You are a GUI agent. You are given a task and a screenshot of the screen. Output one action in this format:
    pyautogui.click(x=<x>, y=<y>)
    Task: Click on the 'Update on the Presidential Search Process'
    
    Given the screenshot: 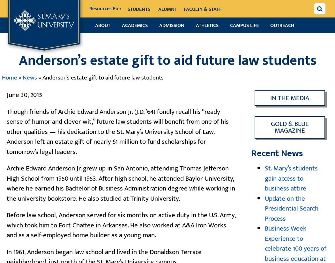 What is the action you would take?
    pyautogui.click(x=291, y=208)
    